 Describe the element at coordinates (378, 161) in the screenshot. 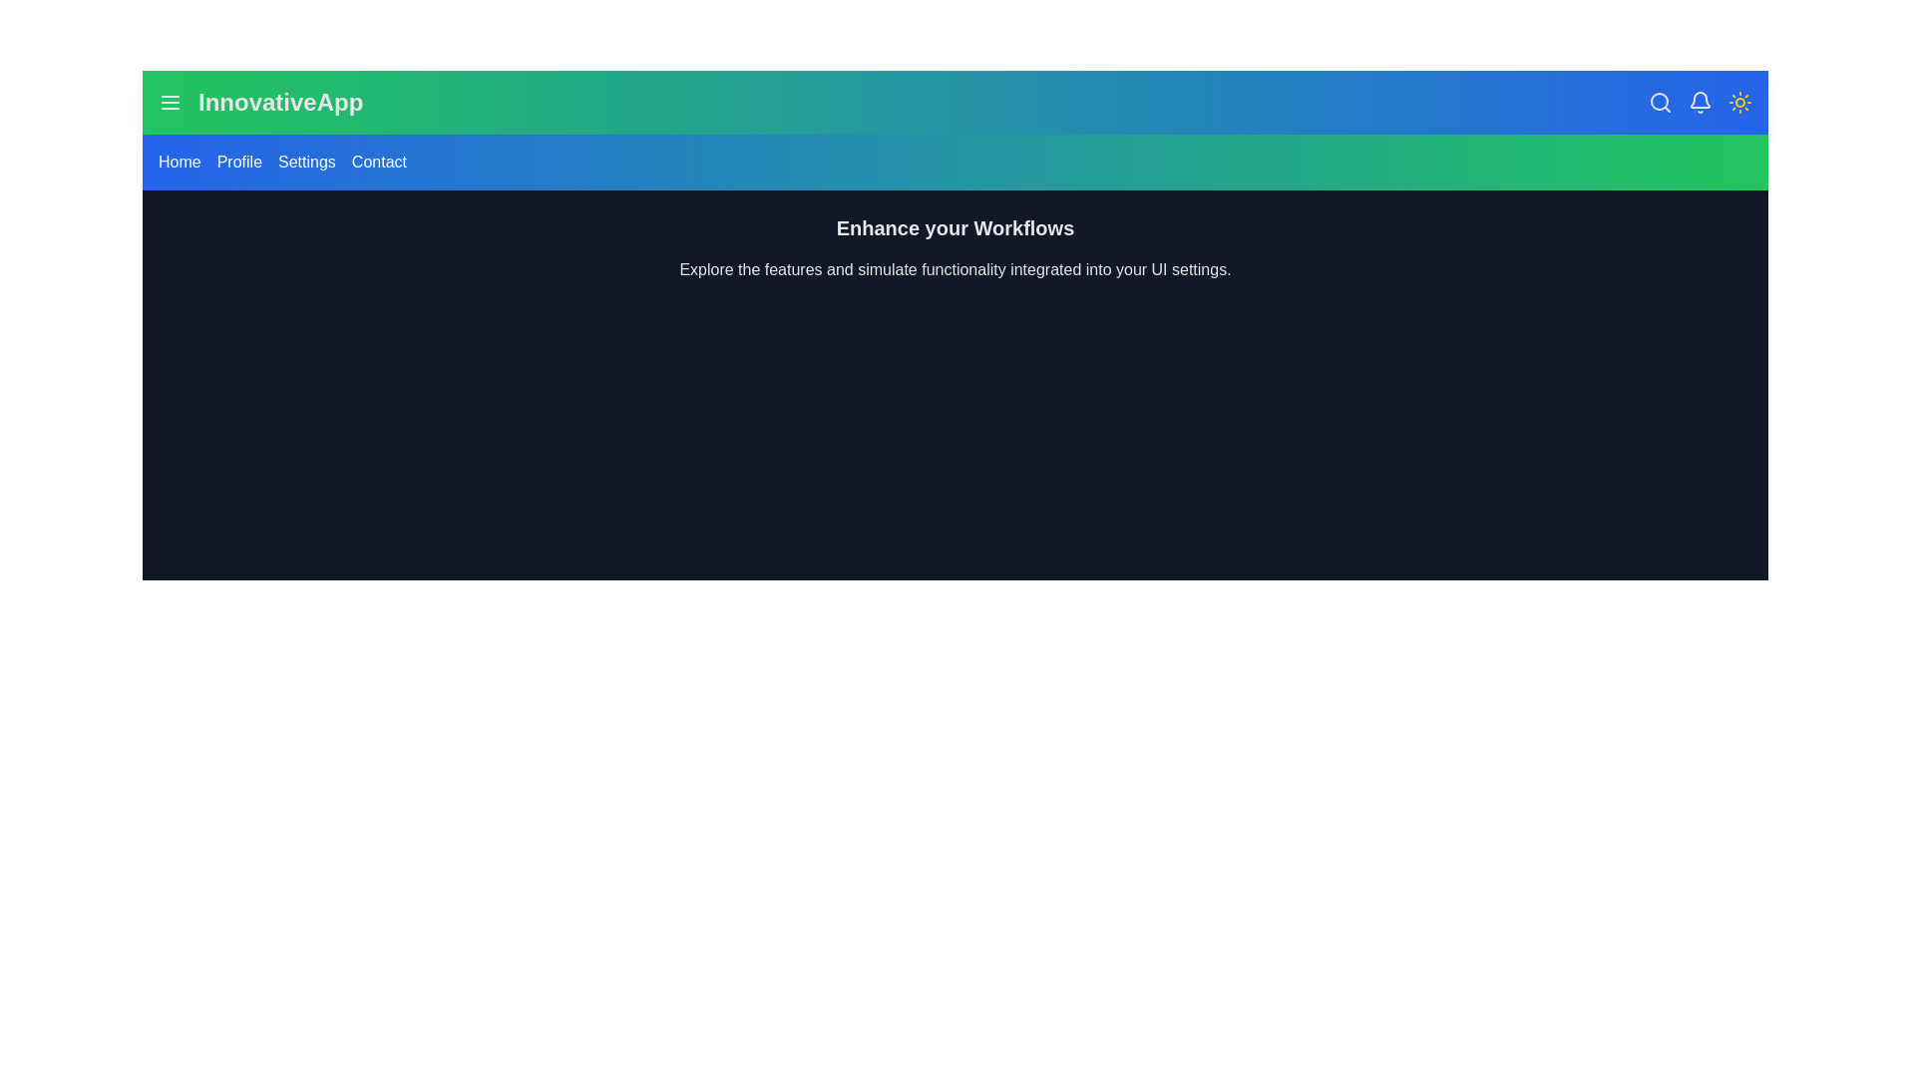

I see `the Contact menu link to navigate to the respective section` at that location.